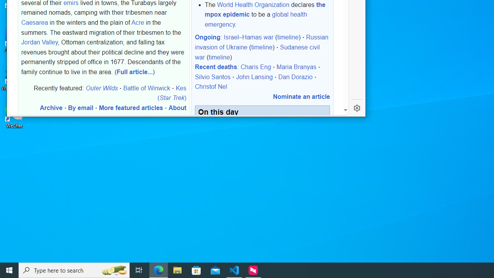 This screenshot has width=494, height=278. I want to click on 'Recent deaths', so click(216, 66).